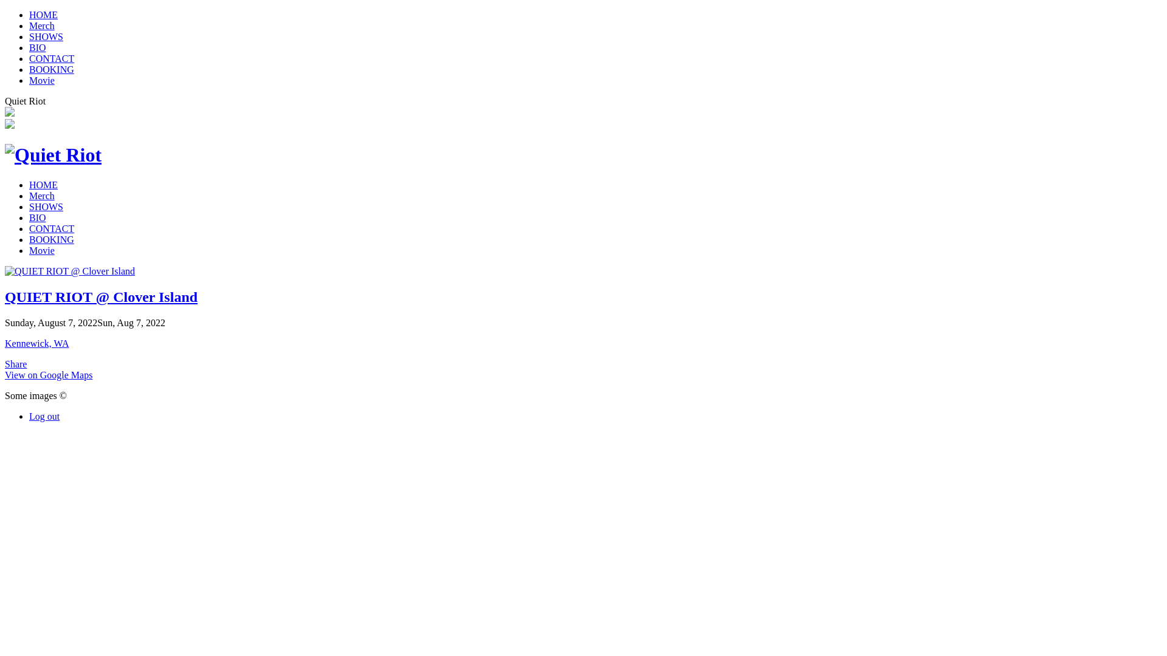  Describe the element at coordinates (51, 239) in the screenshot. I see `'BOOKING'` at that location.